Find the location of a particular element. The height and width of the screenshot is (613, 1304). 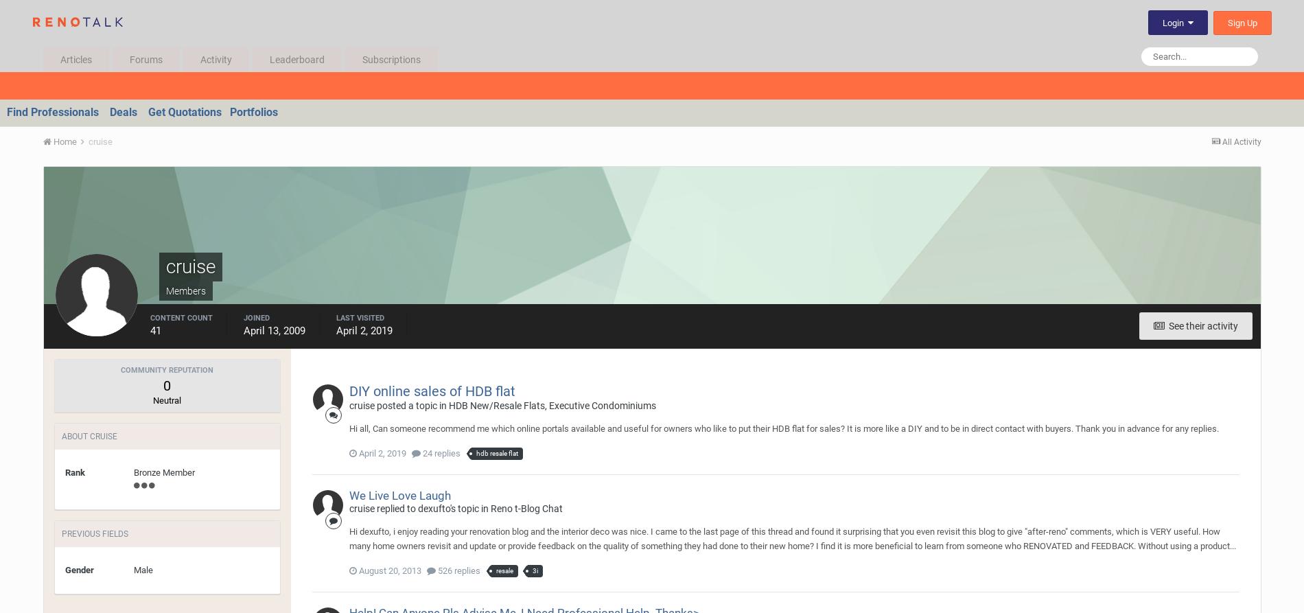

'hdb resale flat' is located at coordinates (496, 453).